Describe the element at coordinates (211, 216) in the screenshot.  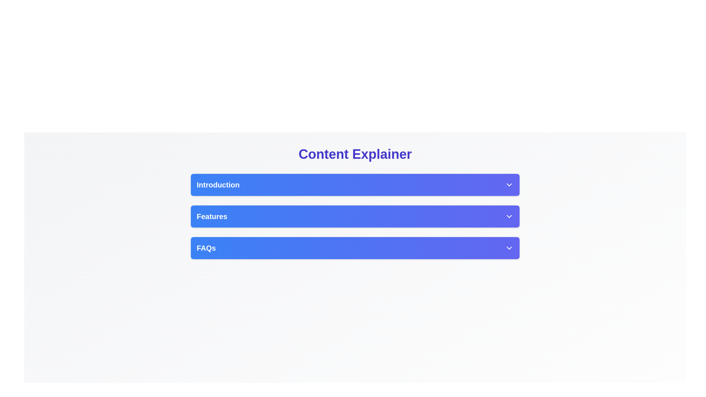
I see `the non-interactive text label containing the word 'Features', which is styled in a larger bold font and is located within a gradient background banner` at that location.